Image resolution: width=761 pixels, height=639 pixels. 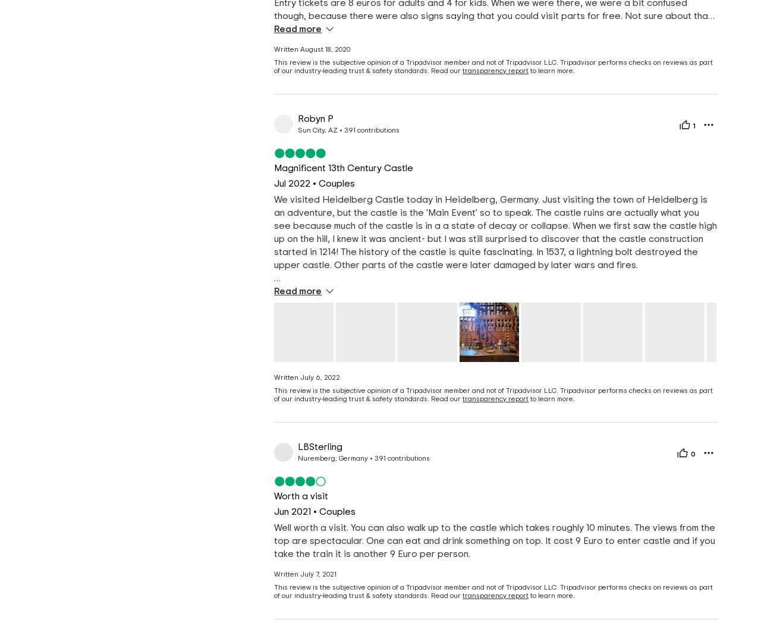 I want to click on 'Written August 18, 2020', so click(x=312, y=49).